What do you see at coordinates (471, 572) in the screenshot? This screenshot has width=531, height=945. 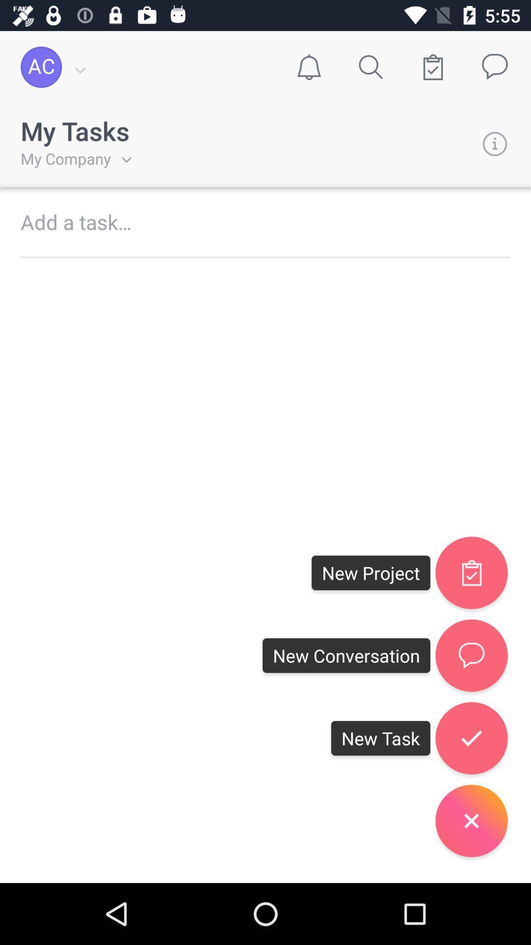 I see `the check icon` at bounding box center [471, 572].